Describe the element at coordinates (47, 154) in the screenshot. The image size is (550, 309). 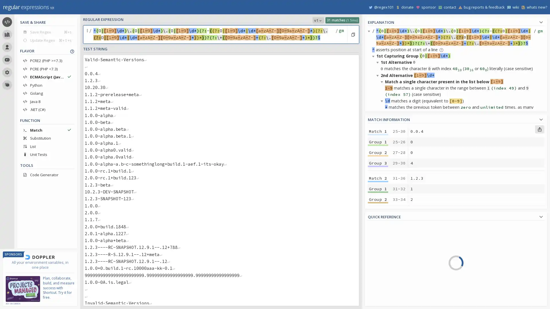
I see `Unit Tests` at that location.